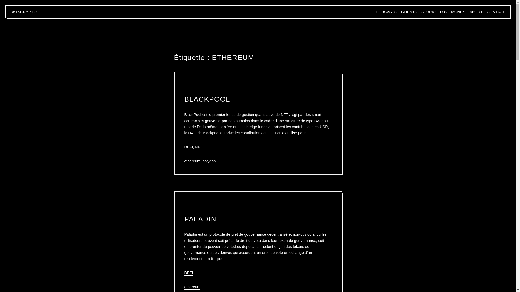 The height and width of the screenshot is (292, 520). What do you see at coordinates (192, 286) in the screenshot?
I see `'ethereum'` at bounding box center [192, 286].